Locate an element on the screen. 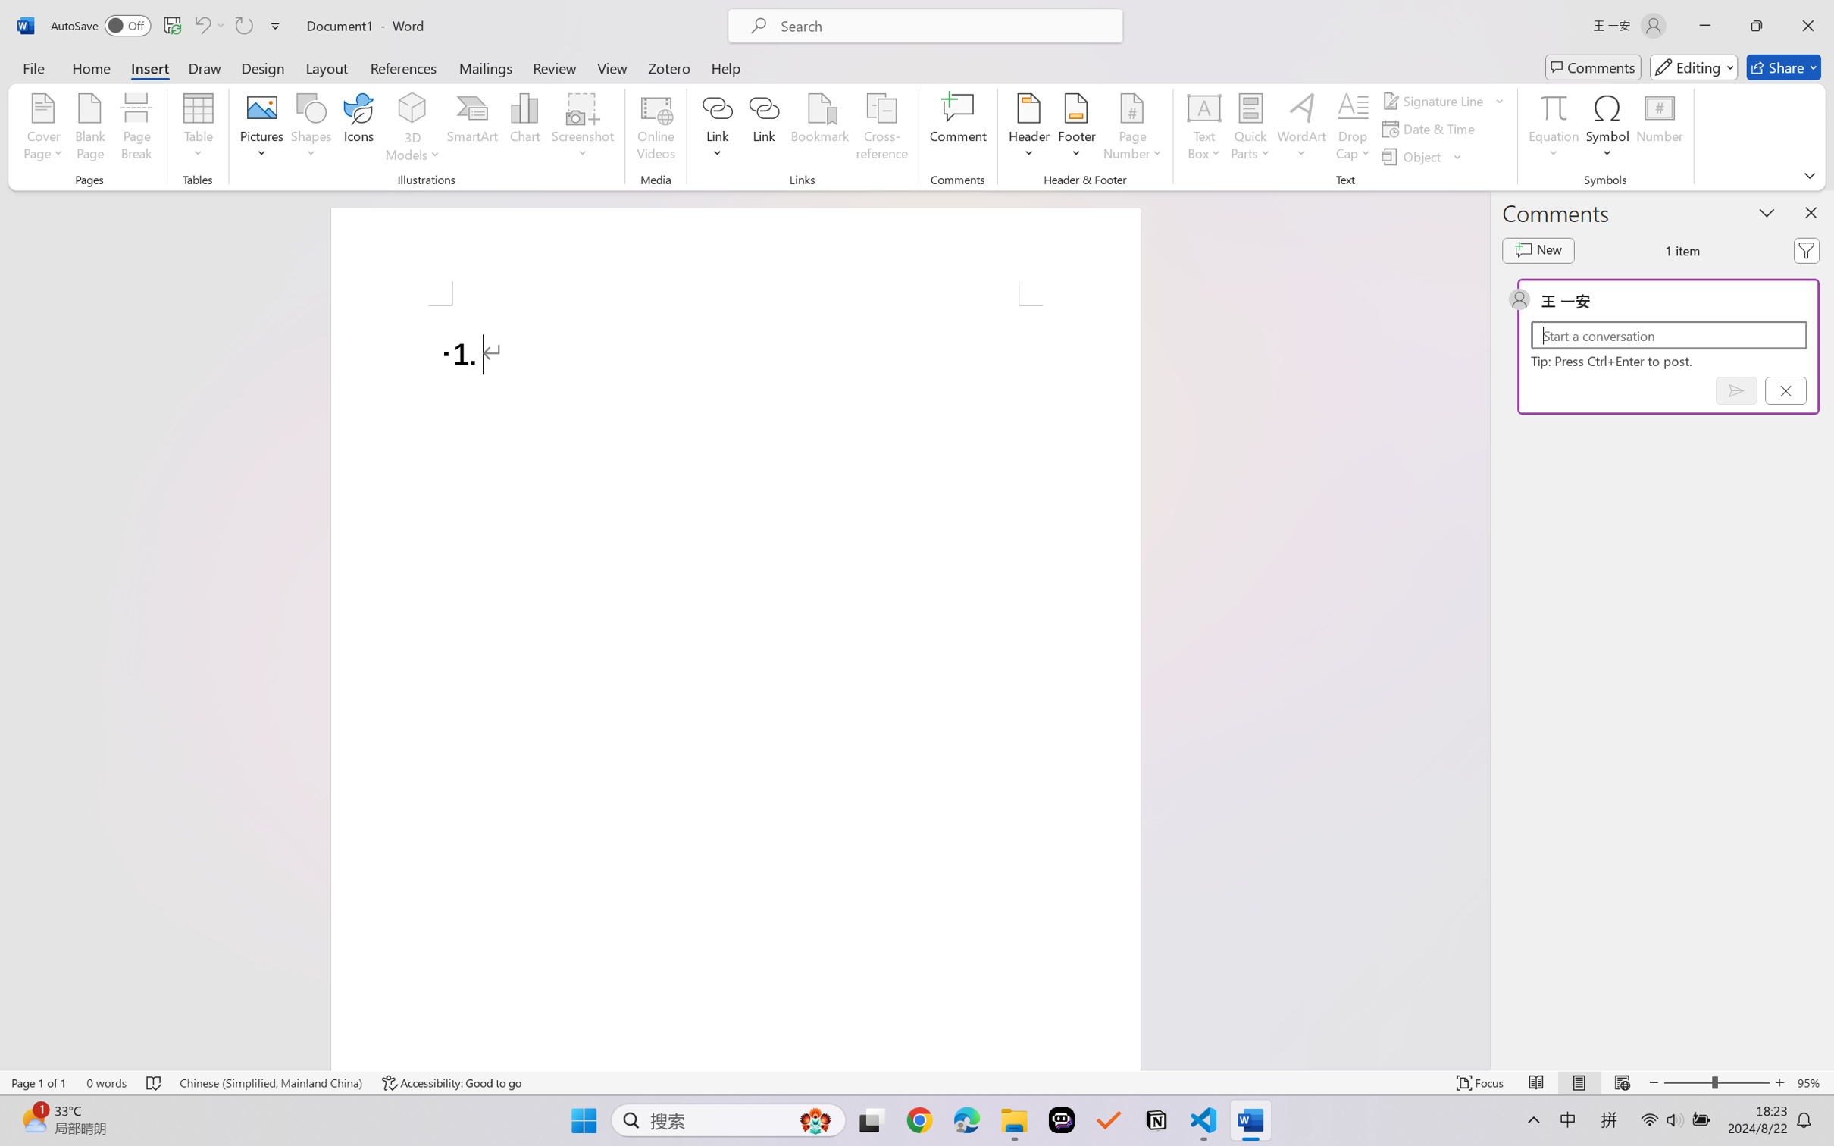 The height and width of the screenshot is (1146, 1834). 'Pictures' is located at coordinates (262, 129).